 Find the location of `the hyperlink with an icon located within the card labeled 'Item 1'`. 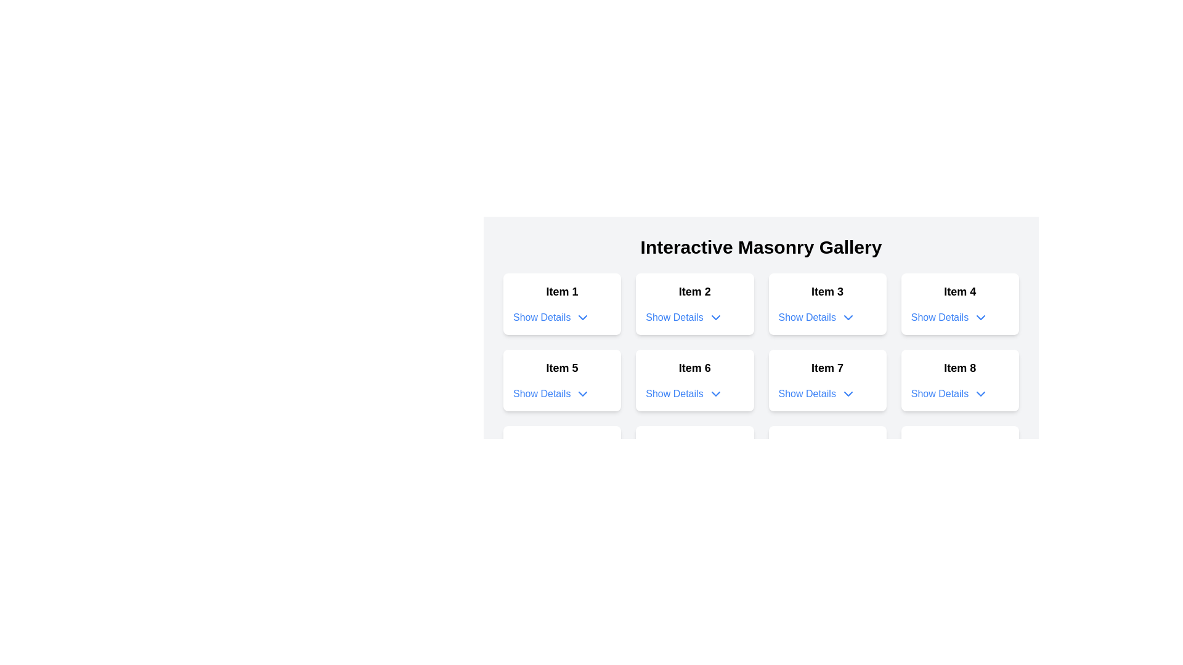

the hyperlink with an icon located within the card labeled 'Item 1' is located at coordinates (551, 317).